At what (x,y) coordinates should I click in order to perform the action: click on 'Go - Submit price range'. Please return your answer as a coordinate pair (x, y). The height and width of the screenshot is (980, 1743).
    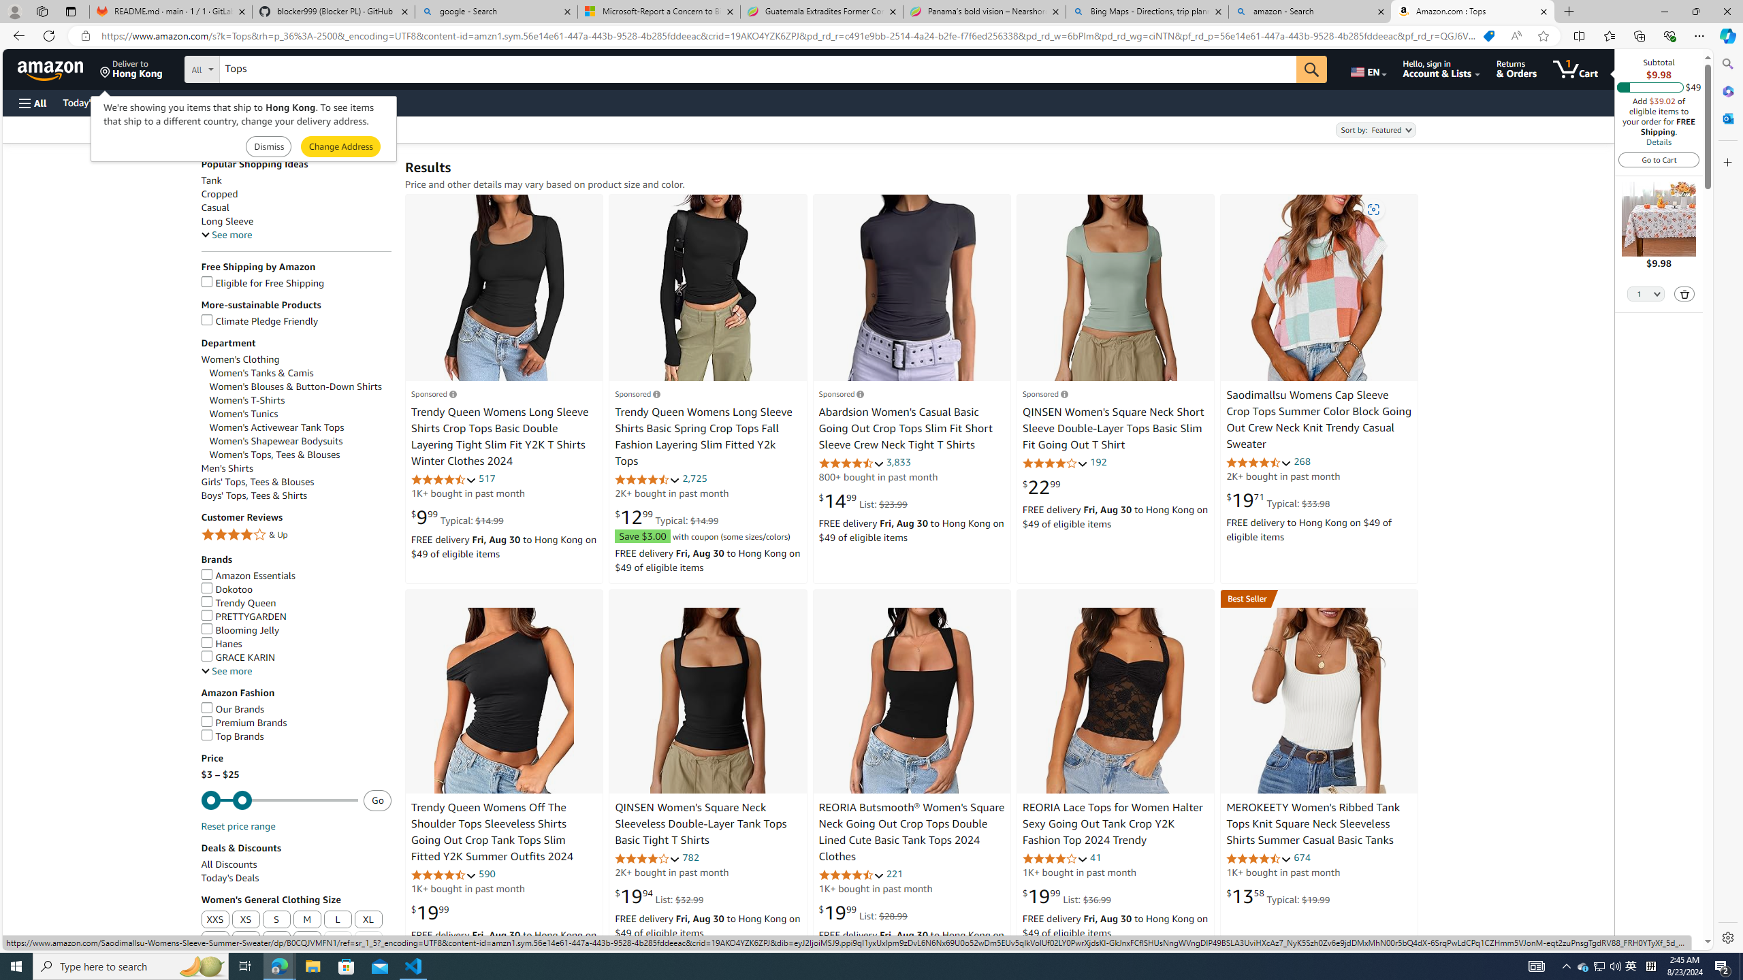
    Looking at the image, I should click on (377, 800).